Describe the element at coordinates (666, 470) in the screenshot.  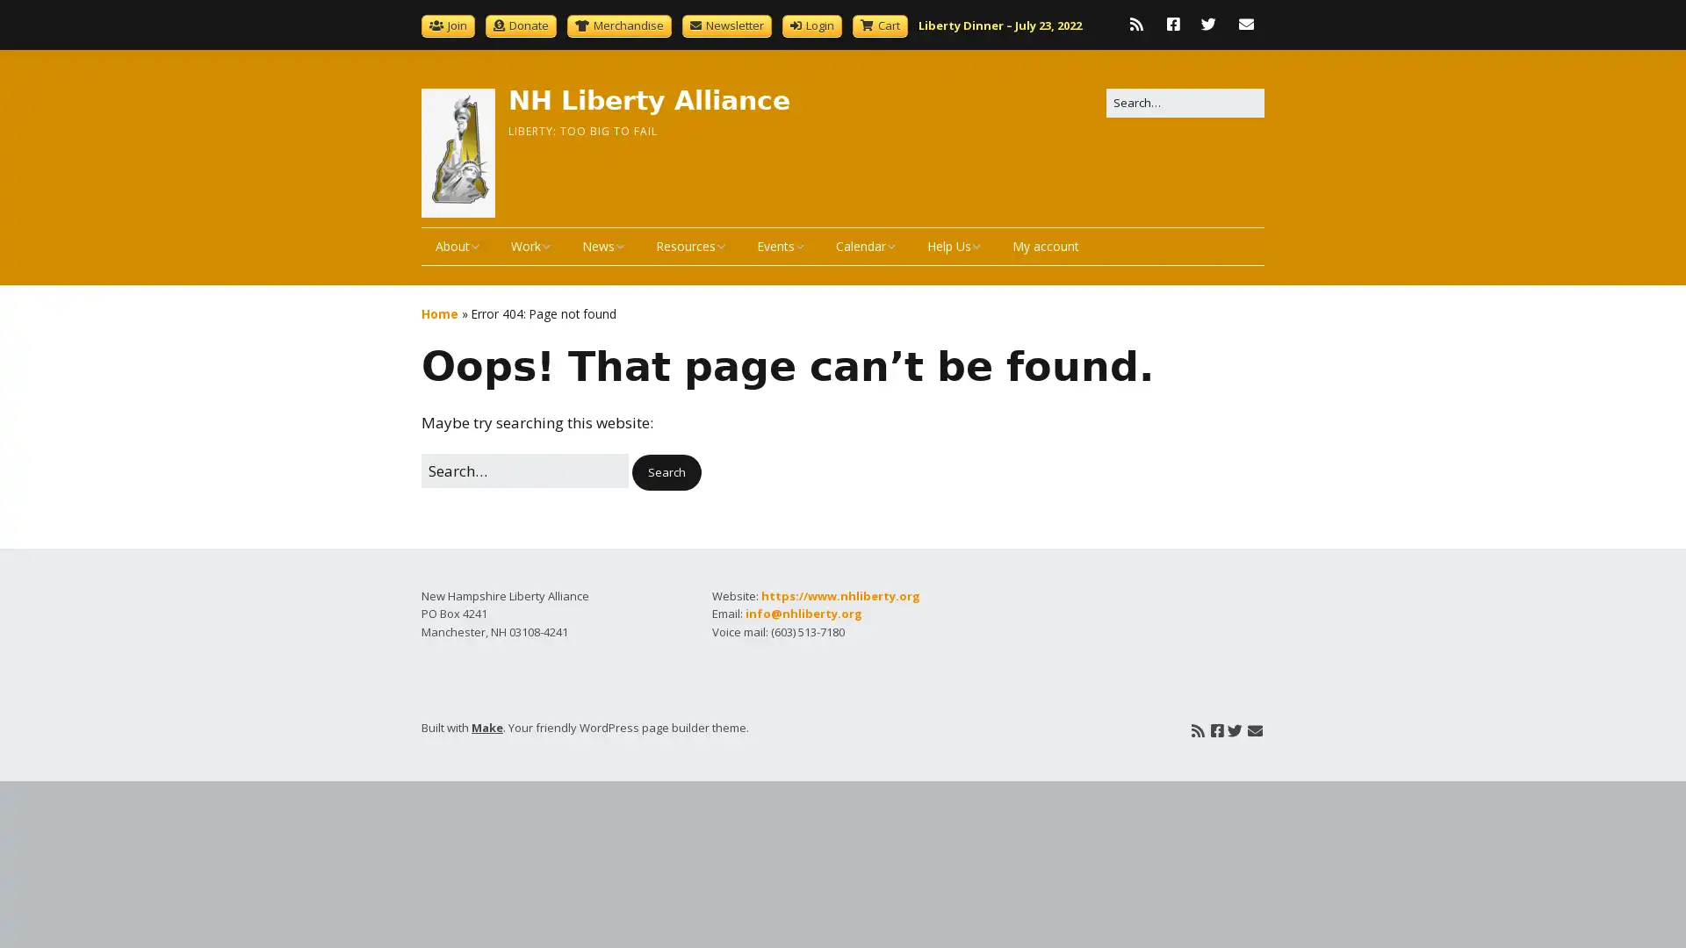
I see `Search` at that location.